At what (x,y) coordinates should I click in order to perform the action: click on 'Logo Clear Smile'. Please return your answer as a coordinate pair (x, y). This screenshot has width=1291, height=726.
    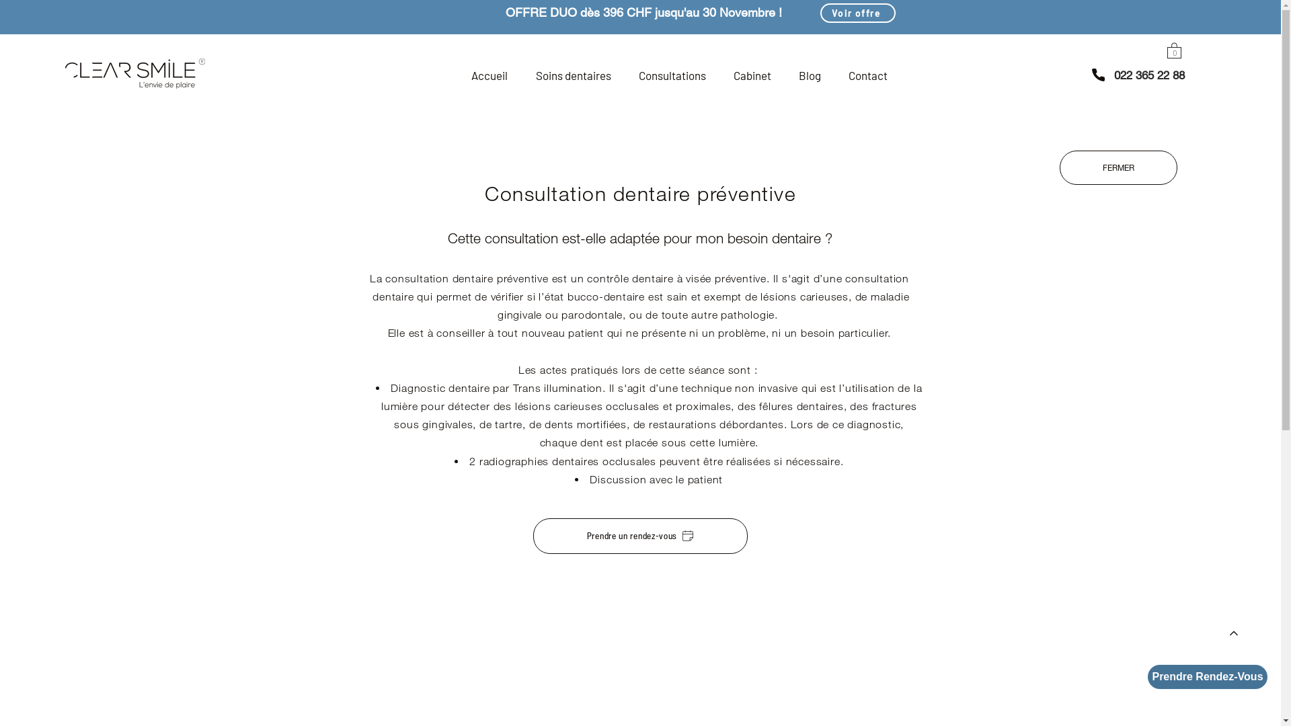
    Looking at the image, I should click on (135, 73).